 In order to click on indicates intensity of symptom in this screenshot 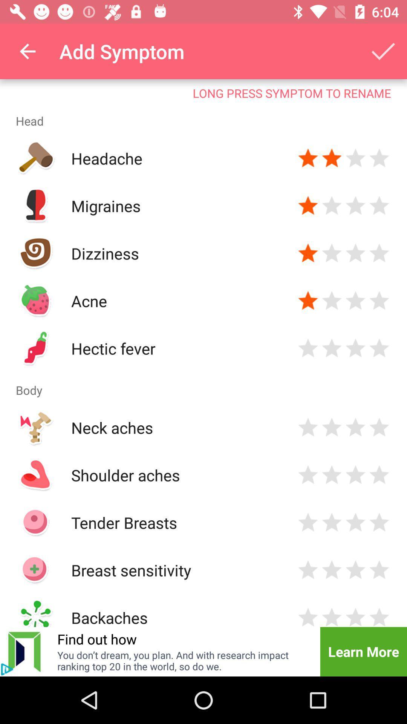, I will do `click(379, 474)`.